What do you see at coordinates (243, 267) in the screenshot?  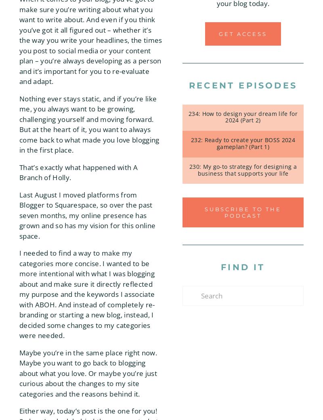 I see `'find it'` at bounding box center [243, 267].